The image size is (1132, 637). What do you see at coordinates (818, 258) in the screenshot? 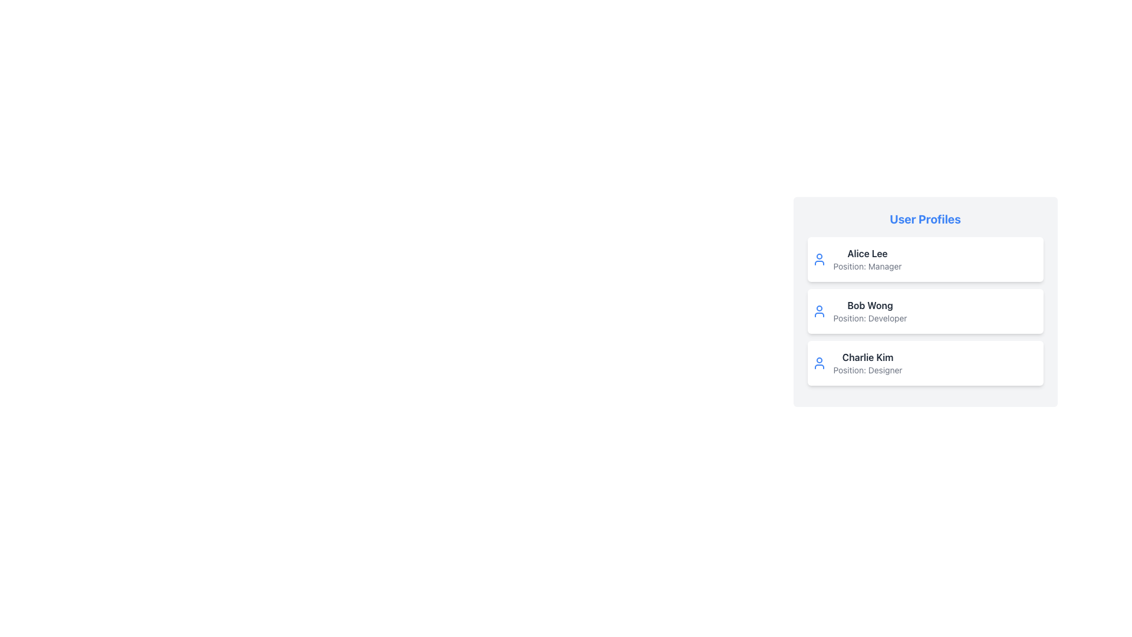
I see `the user profile icon located in the top left corner of the first card representing 'Alice Lee - Position: Manager' to initiate related actions` at bounding box center [818, 258].